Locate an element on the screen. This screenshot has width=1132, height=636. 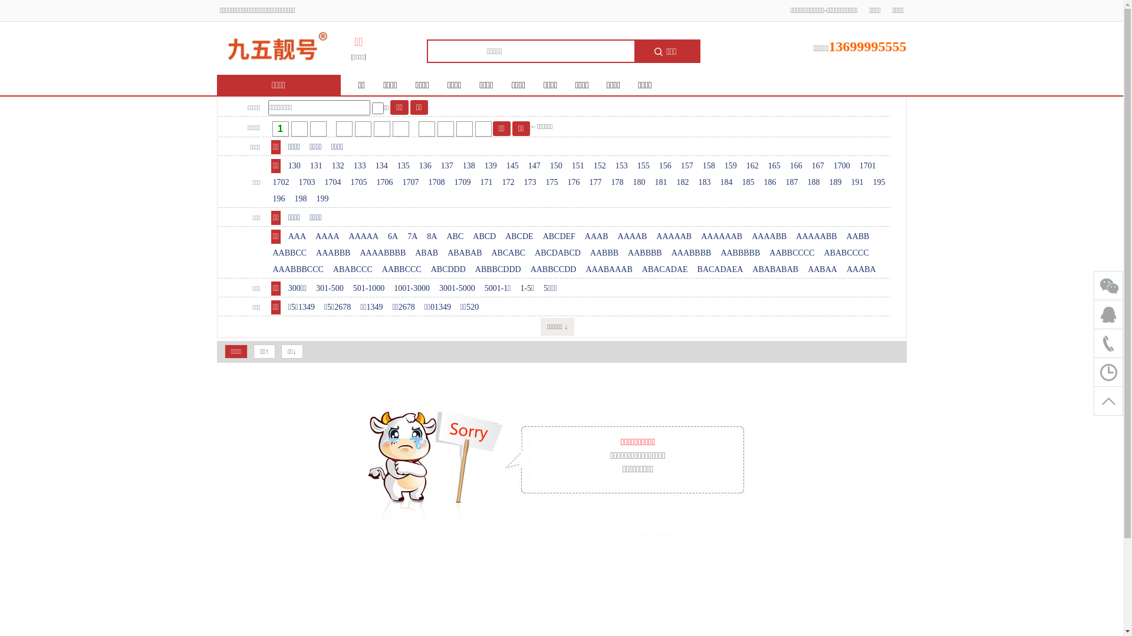
'180' is located at coordinates (638, 182).